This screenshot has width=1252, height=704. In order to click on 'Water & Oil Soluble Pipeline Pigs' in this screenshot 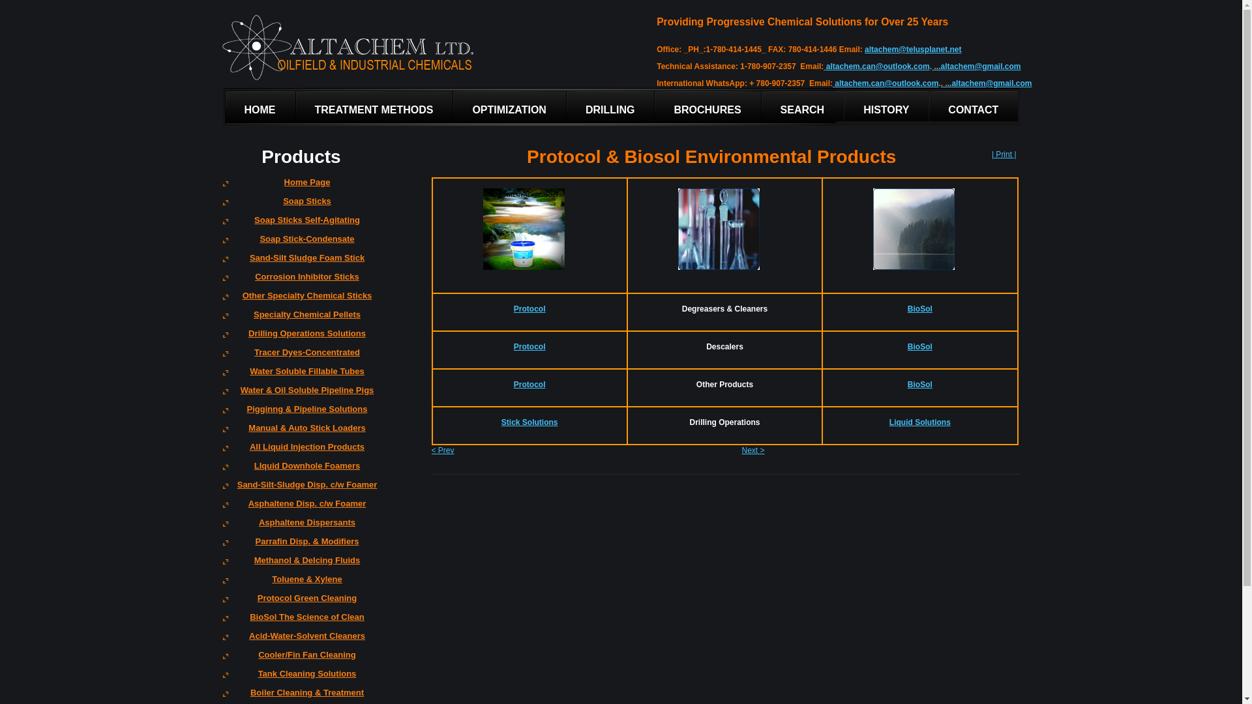, I will do `click(301, 394)`.